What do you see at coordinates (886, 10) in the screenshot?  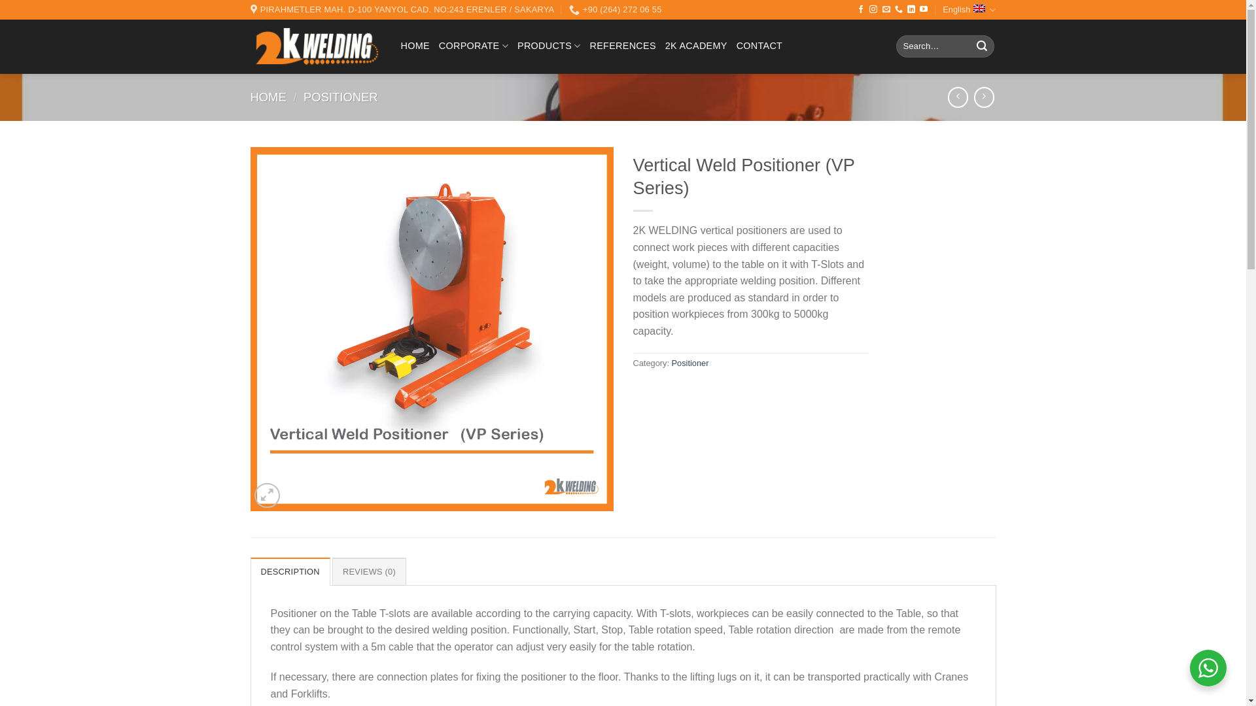 I see `'Send us an email'` at bounding box center [886, 10].